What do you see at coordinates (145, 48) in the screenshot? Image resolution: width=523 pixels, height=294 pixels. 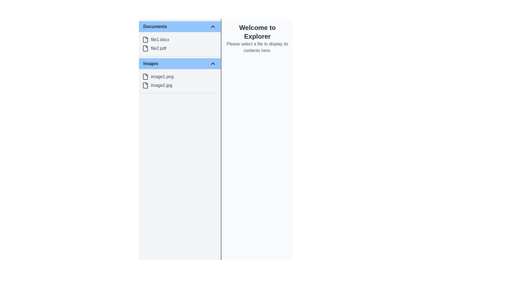 I see `the document icon with a folded corner located to the left of 'file2.pdf' in the 'Documents' section` at bounding box center [145, 48].